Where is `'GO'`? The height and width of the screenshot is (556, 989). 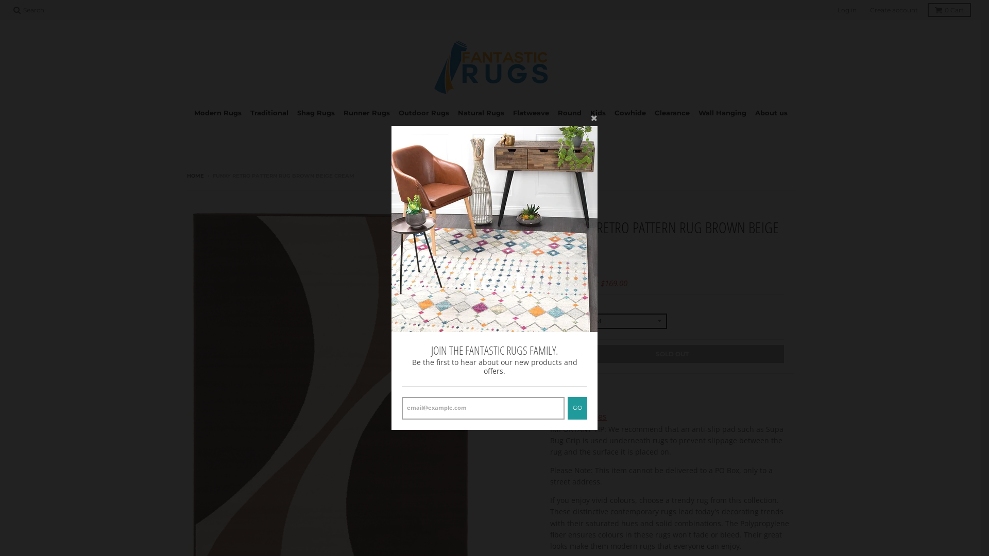
'GO' is located at coordinates (577, 408).